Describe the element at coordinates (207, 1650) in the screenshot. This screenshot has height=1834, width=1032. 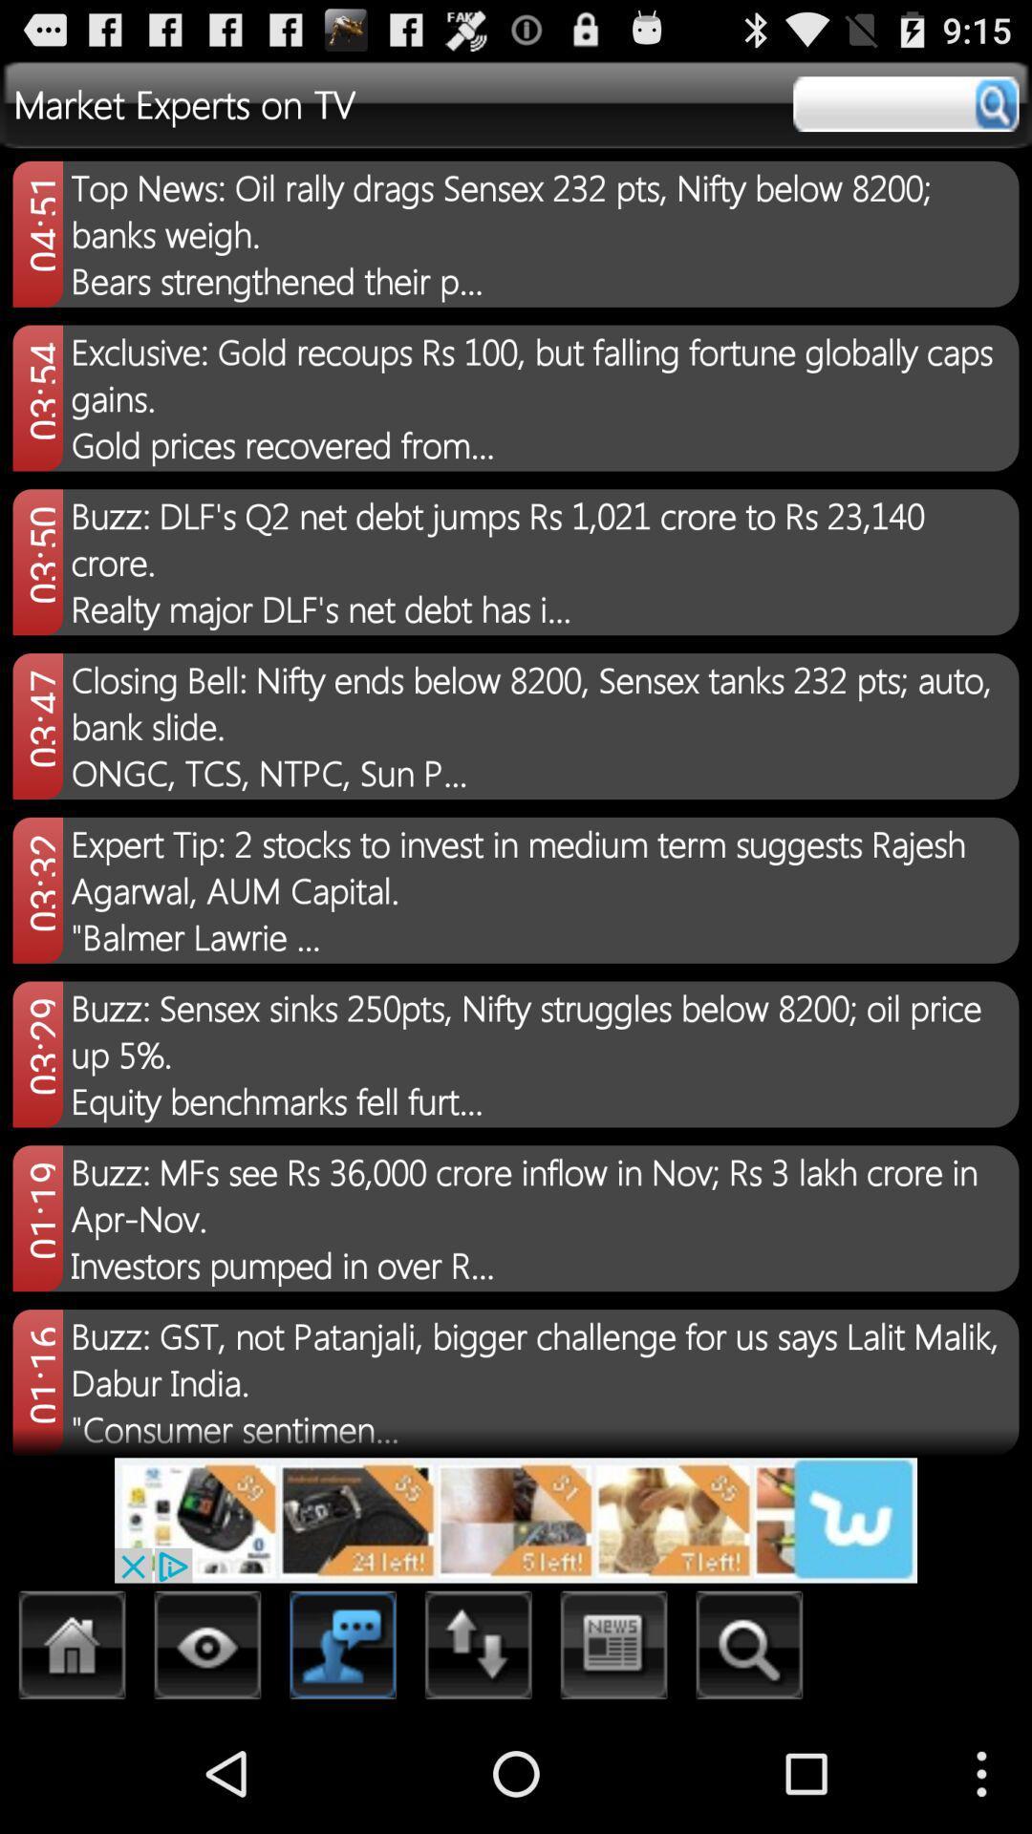
I see `search` at that location.